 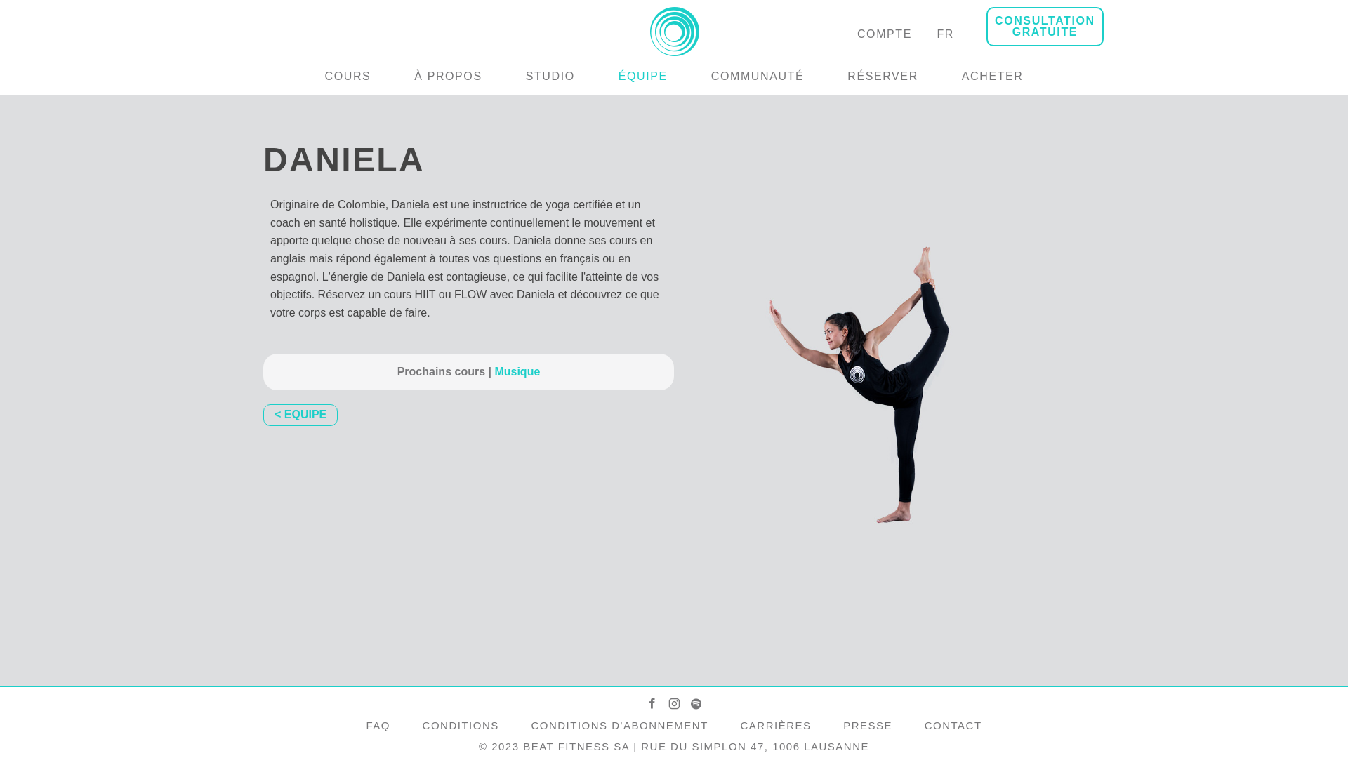 What do you see at coordinates (883, 34) in the screenshot?
I see `'COMPTE'` at bounding box center [883, 34].